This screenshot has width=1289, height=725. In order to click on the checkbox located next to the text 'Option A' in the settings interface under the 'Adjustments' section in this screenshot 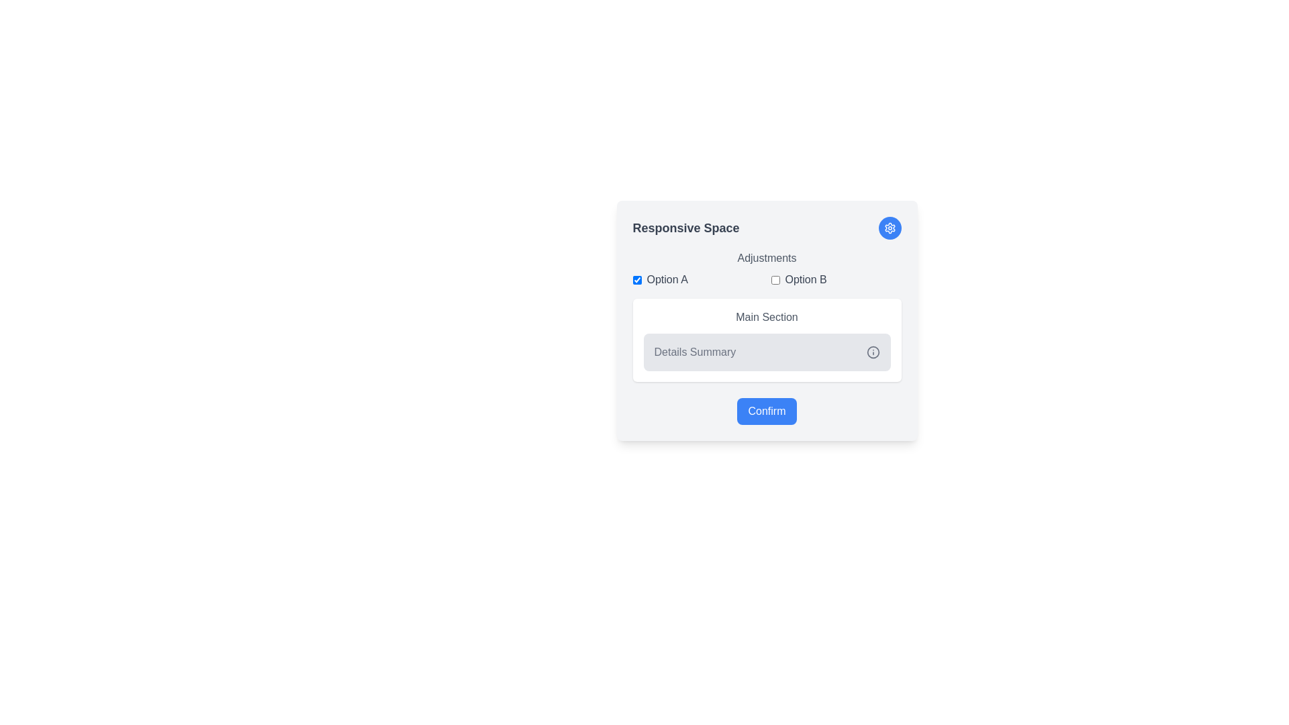, I will do `click(636, 279)`.